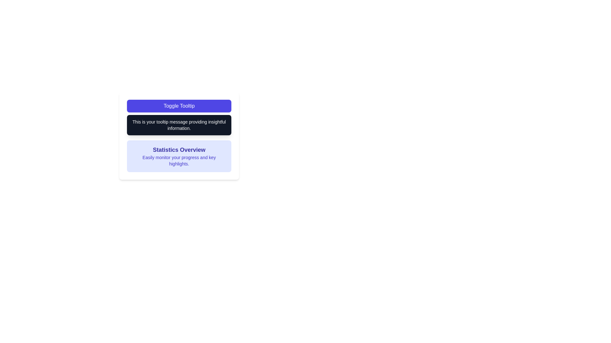 The image size is (611, 343). What do you see at coordinates (130, 126) in the screenshot?
I see `the icon located near the top left of the tooltip message indicating additional information or guidance` at bounding box center [130, 126].